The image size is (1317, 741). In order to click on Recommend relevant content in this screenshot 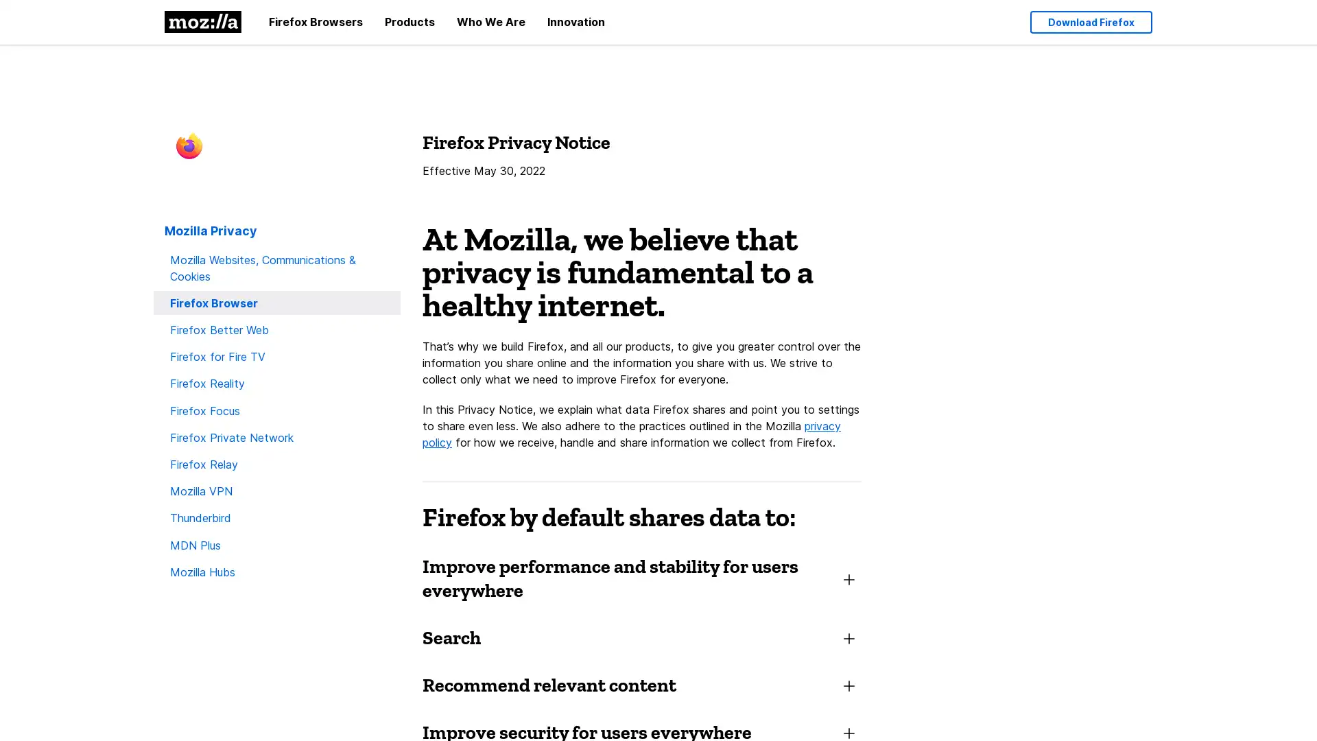, I will do `click(641, 684)`.